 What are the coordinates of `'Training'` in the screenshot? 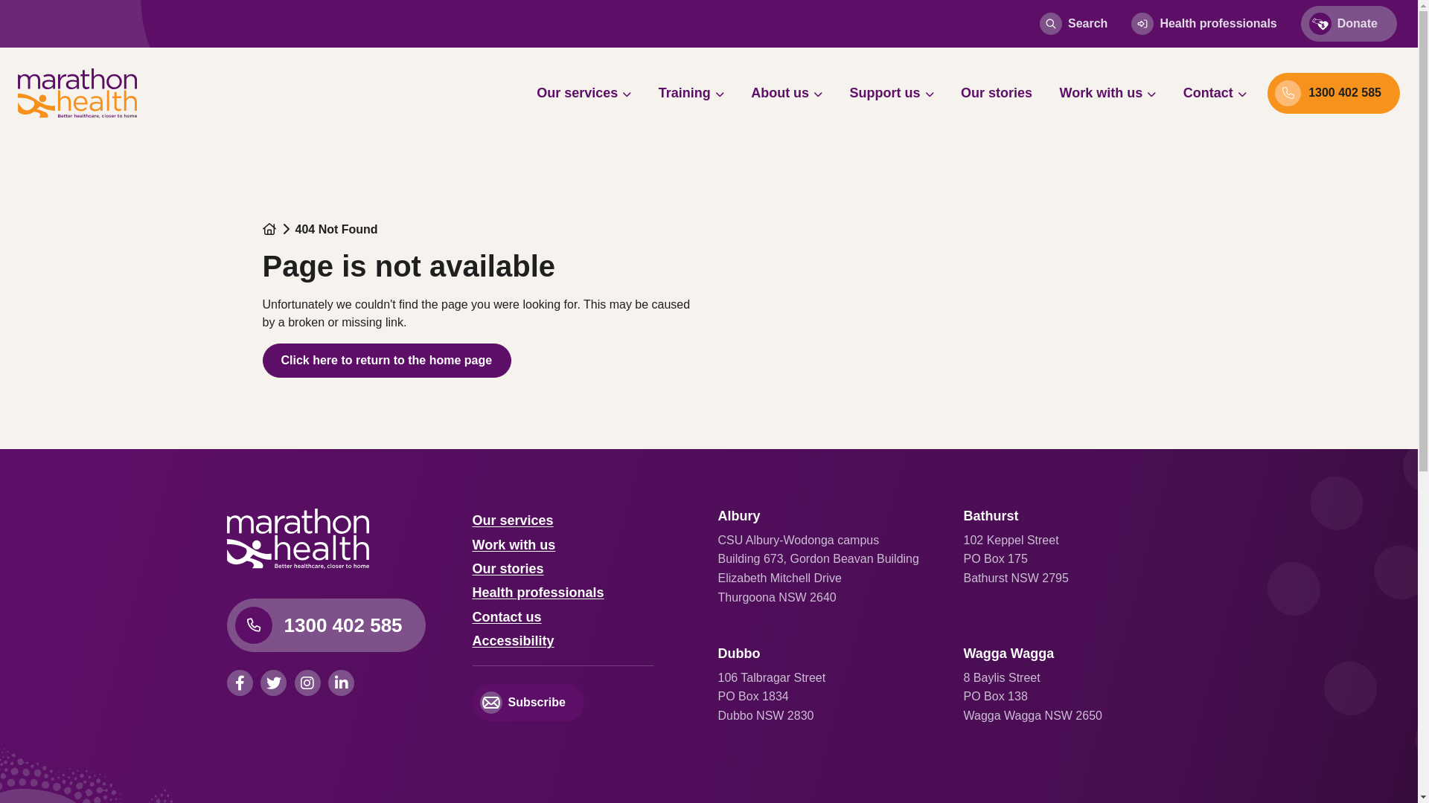 It's located at (646, 92).